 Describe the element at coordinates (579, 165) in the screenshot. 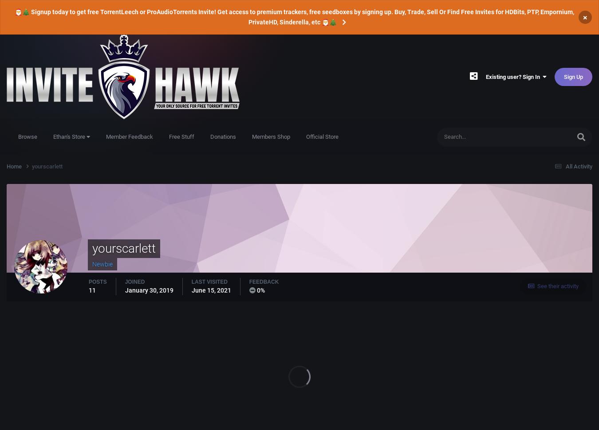

I see `'All Activity'` at that location.